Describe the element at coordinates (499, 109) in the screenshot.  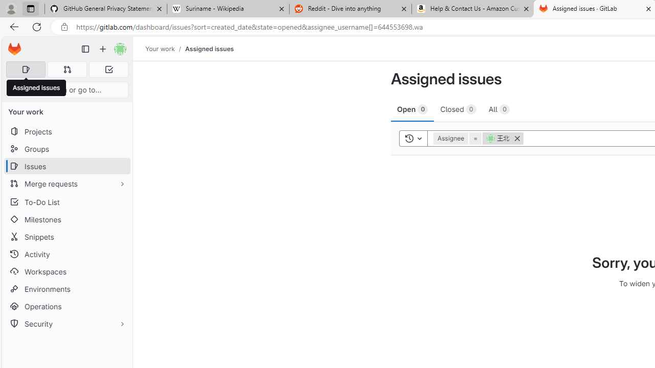
I see `'All 0'` at that location.